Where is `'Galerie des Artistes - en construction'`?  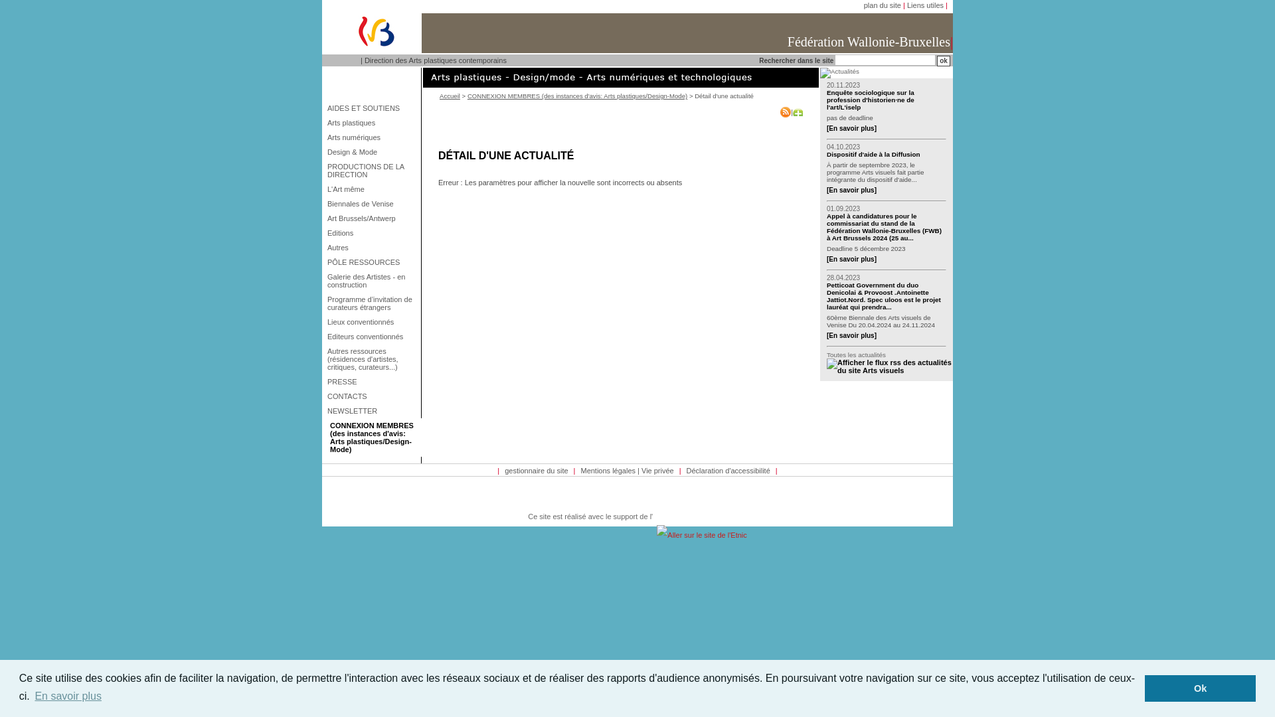 'Galerie des Artistes - en construction' is located at coordinates (372, 280).